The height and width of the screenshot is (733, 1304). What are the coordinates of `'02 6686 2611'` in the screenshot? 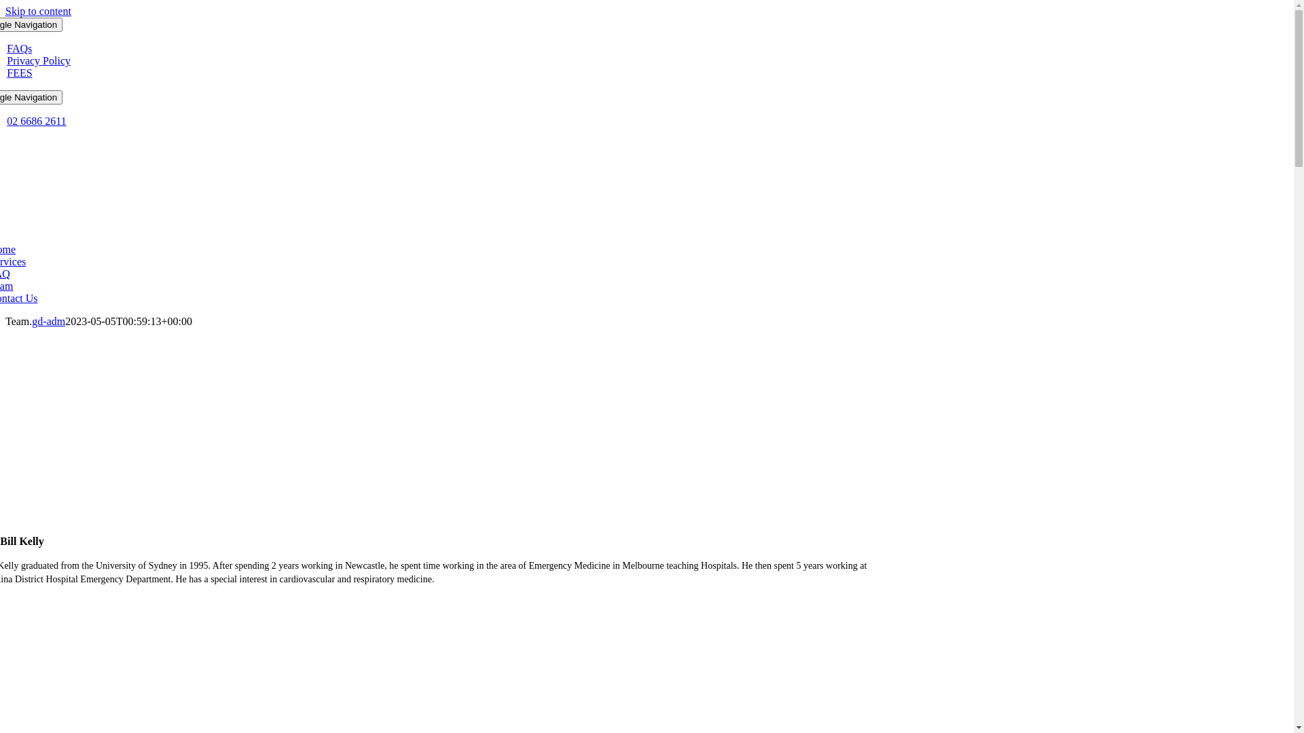 It's located at (36, 120).